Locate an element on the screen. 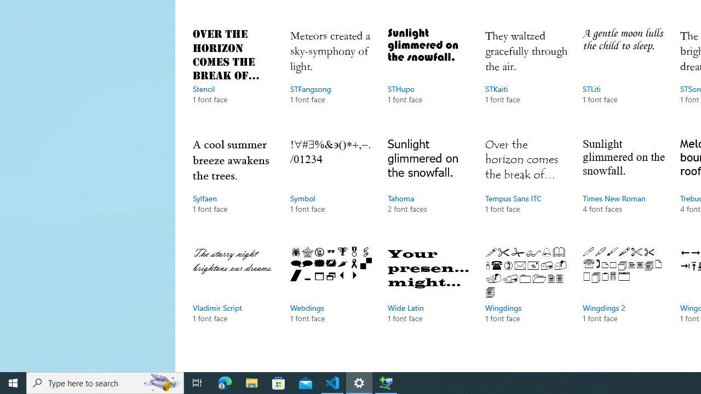 Image resolution: width=701 pixels, height=394 pixels. 'Microsoft Store' is located at coordinates (279, 382).